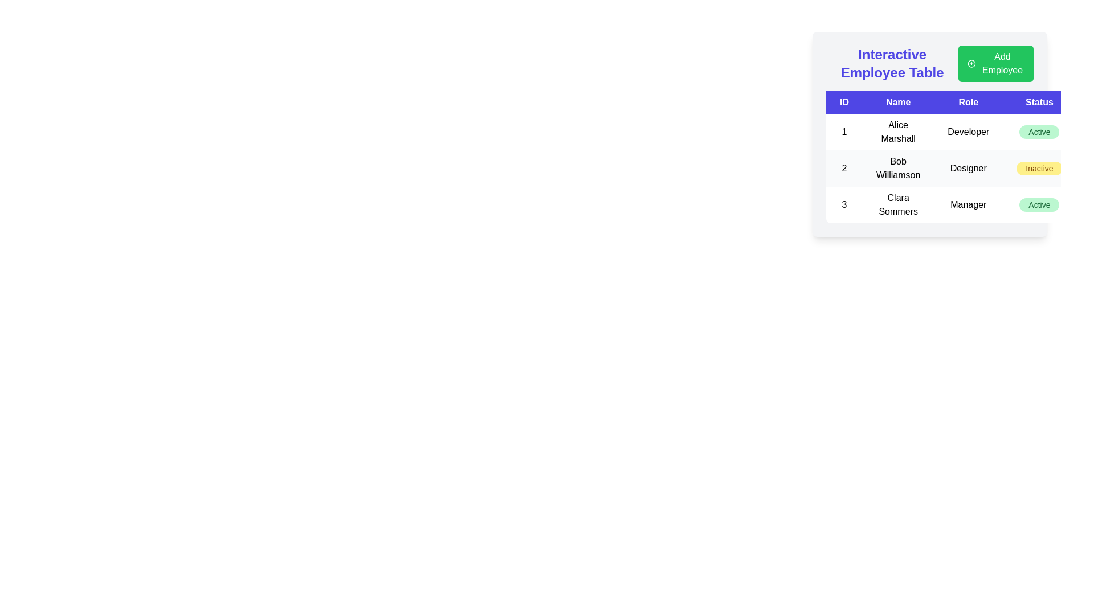 This screenshot has width=1094, height=615. I want to click on the row containing employee details in the Interactive Employee Table, so click(930, 133).